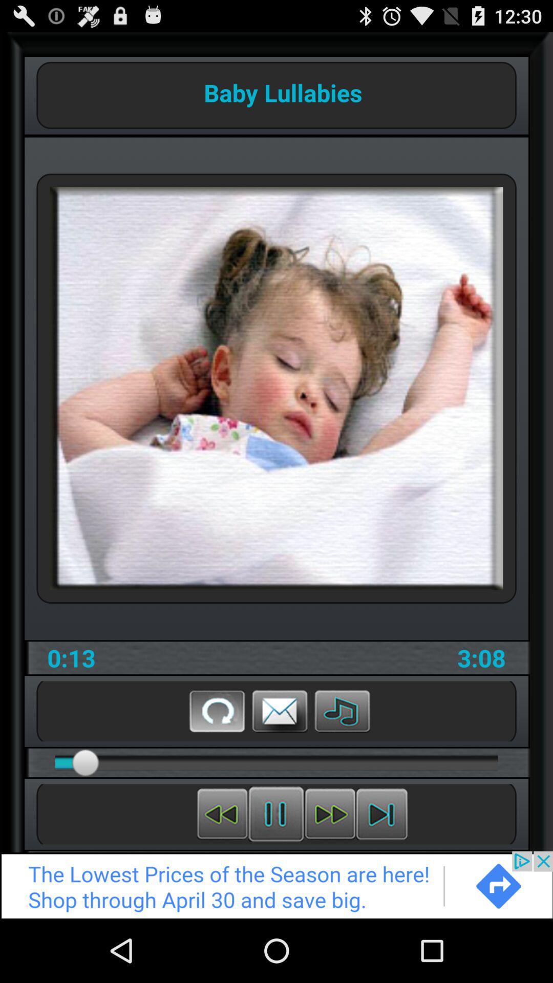  I want to click on the music icon, so click(342, 761).